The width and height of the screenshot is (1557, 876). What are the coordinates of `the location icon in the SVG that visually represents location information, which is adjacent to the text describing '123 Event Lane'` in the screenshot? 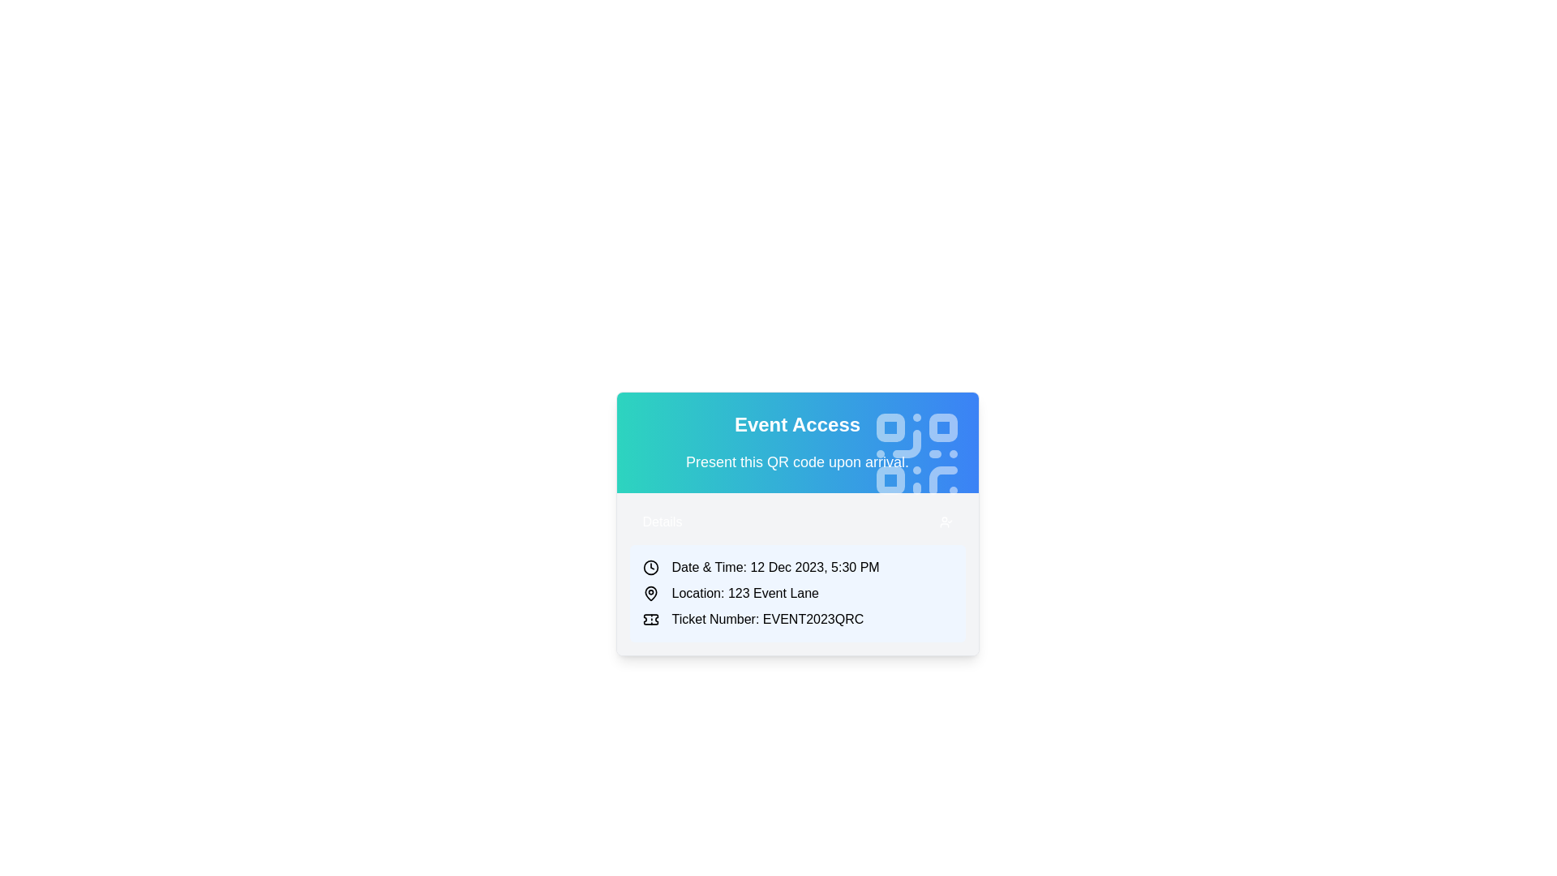 It's located at (650, 594).